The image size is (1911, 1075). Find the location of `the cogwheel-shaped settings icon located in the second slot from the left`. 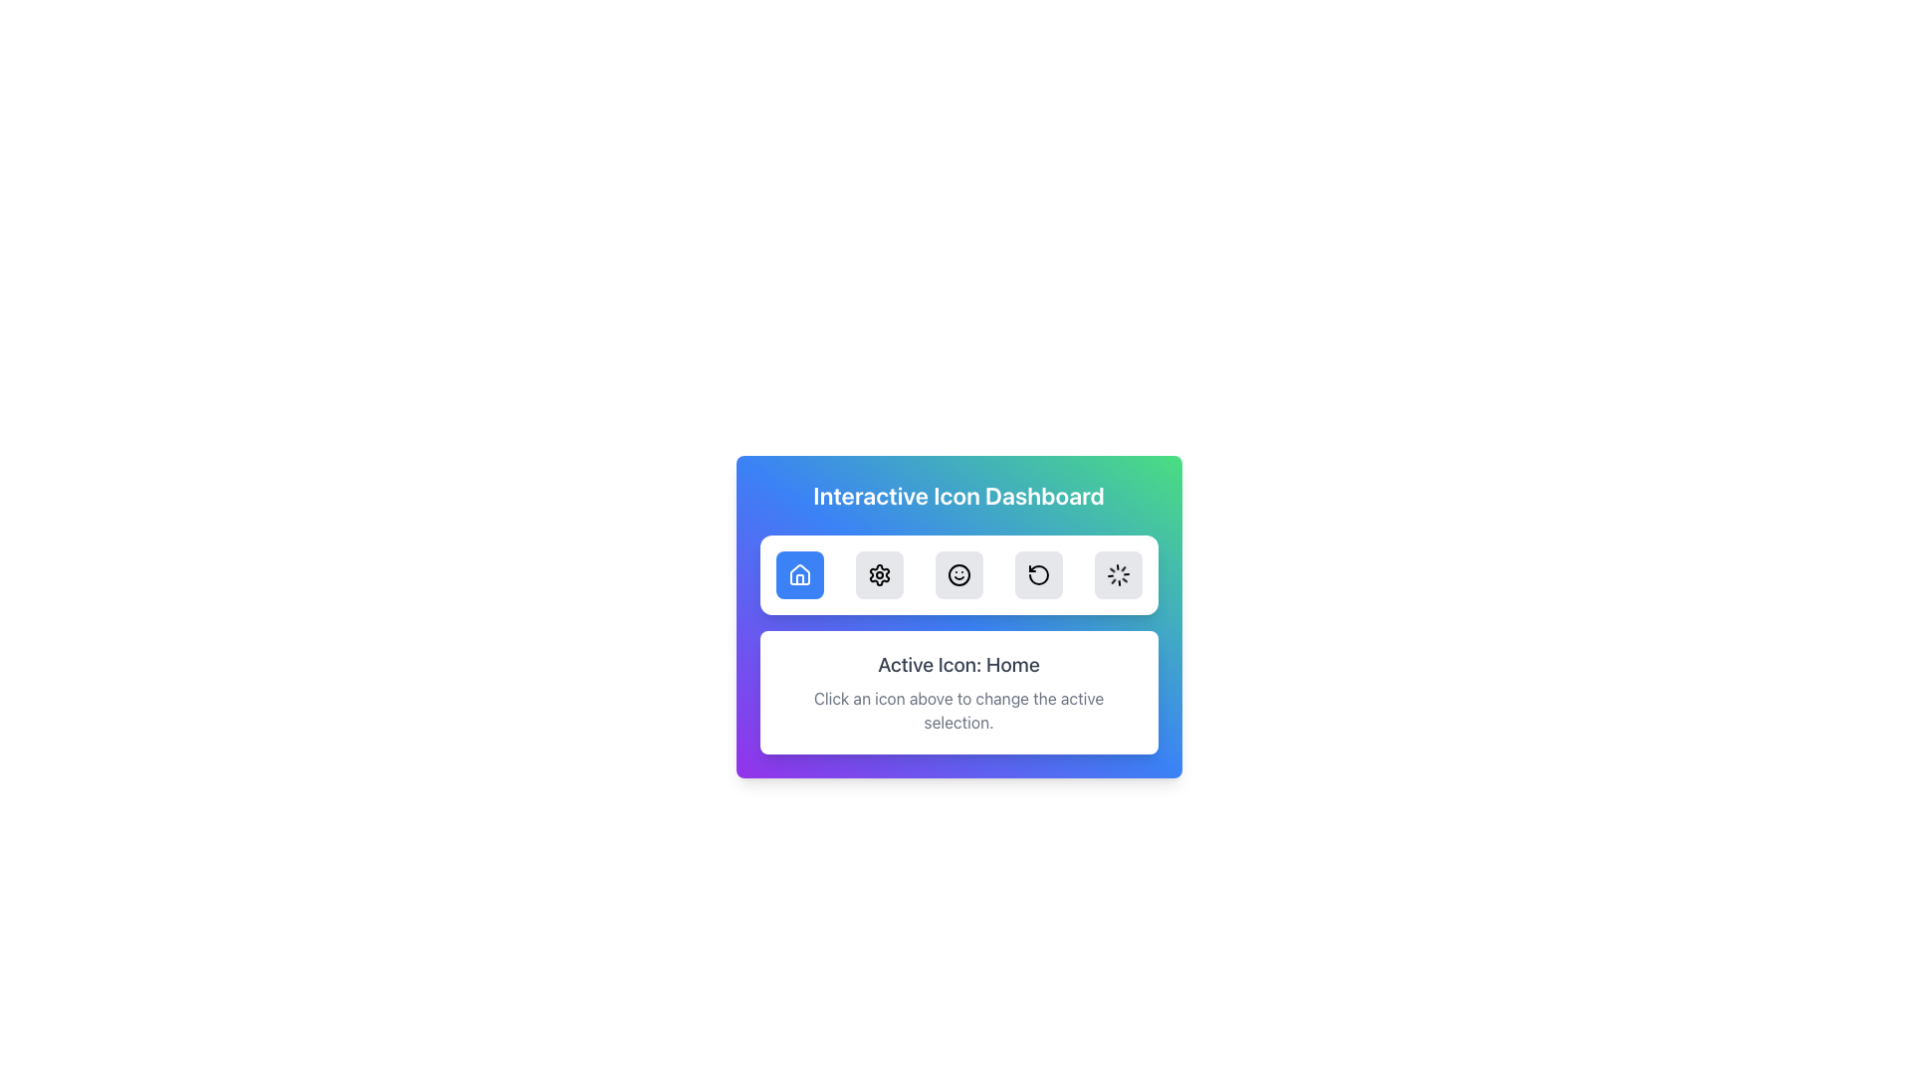

the cogwheel-shaped settings icon located in the second slot from the left is located at coordinates (878, 575).